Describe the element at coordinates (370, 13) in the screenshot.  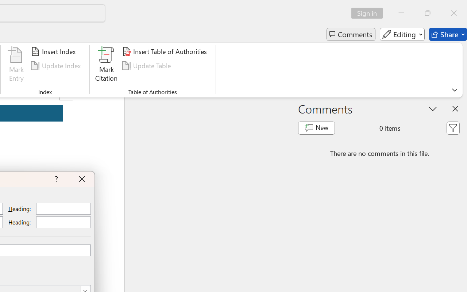
I see `'Sign in'` at that location.